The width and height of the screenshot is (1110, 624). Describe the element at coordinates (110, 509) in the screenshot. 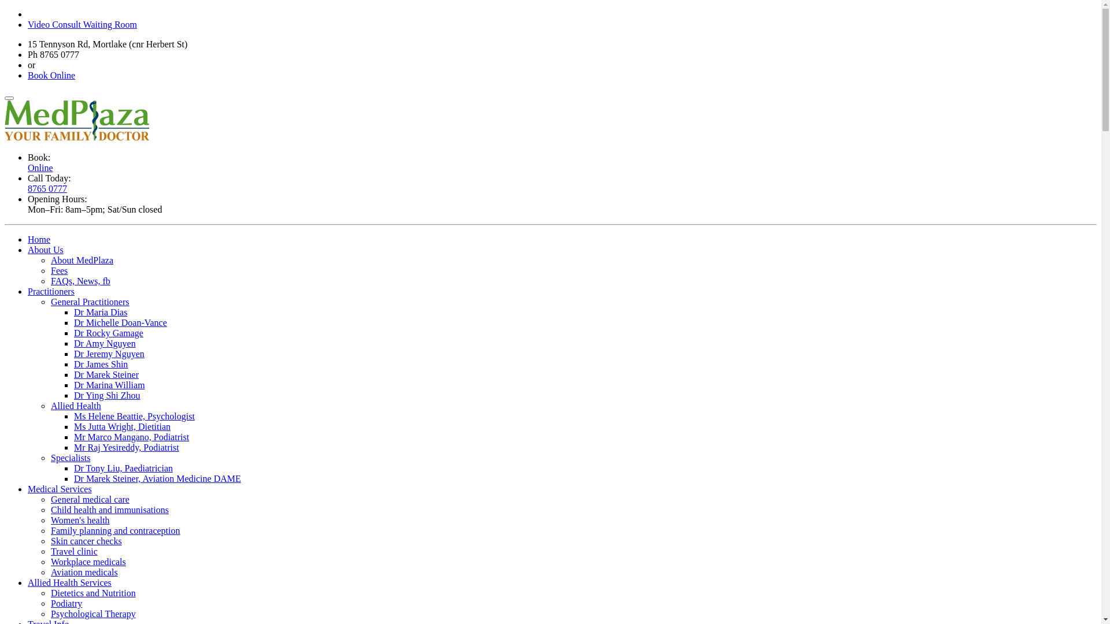

I see `'Child health and immunisations'` at that location.